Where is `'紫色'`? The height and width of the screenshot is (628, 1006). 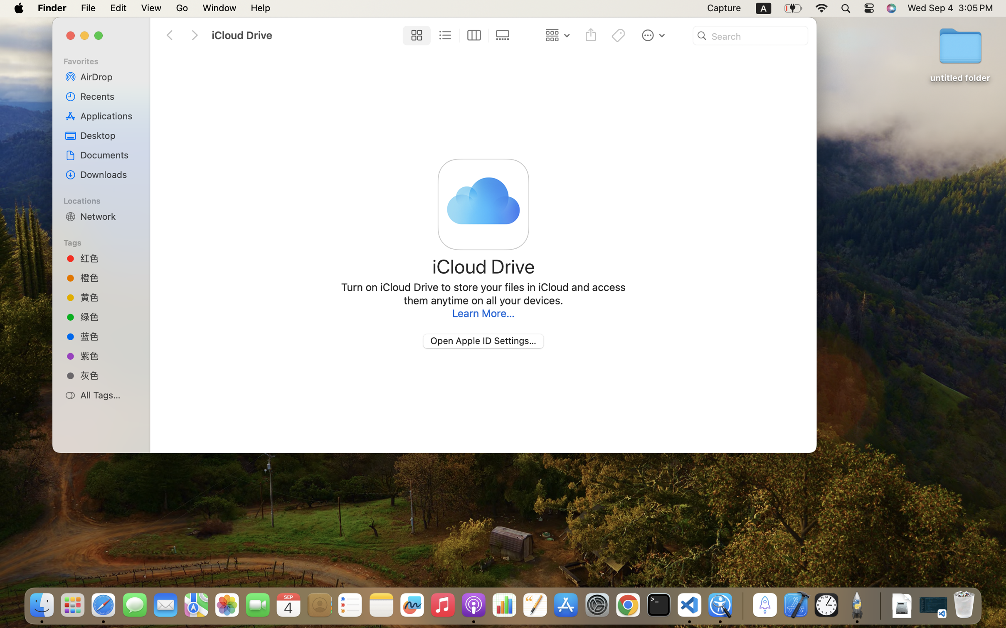
'紫色' is located at coordinates (108, 356).